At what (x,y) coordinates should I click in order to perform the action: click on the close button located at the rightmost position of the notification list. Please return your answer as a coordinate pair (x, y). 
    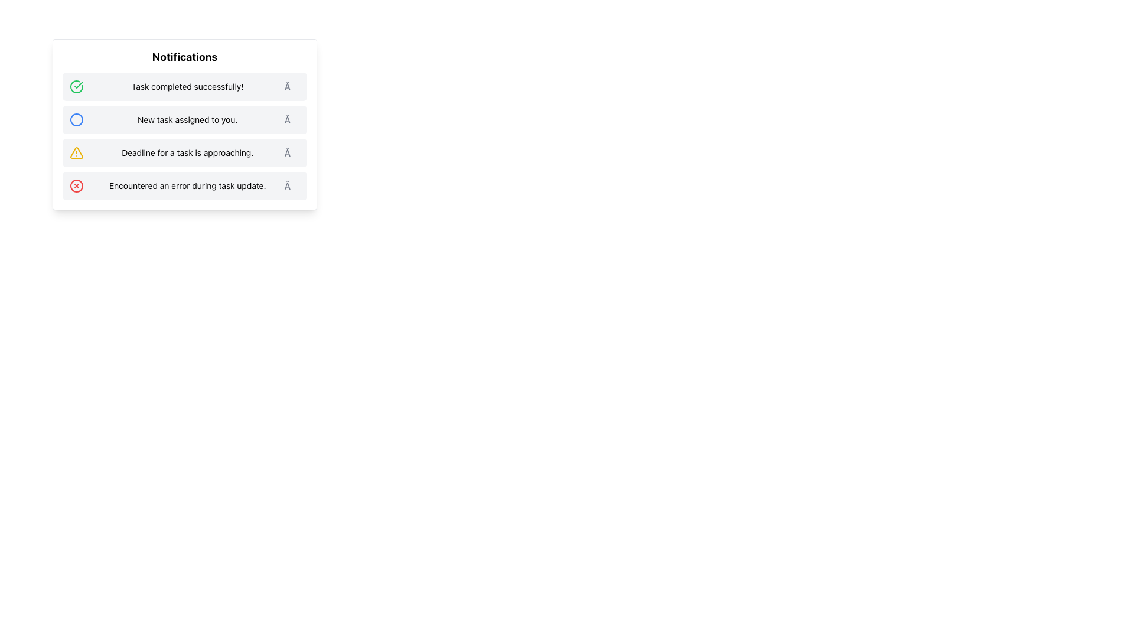
    Looking at the image, I should click on (292, 152).